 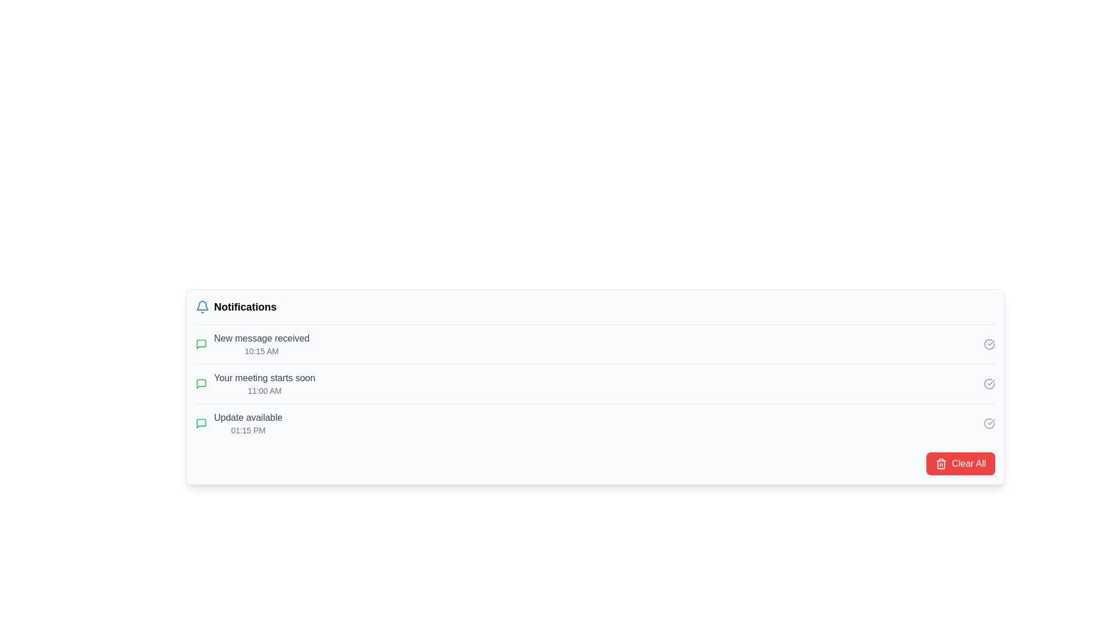 What do you see at coordinates (988, 383) in the screenshot?
I see `the circular checkmark icon located on the far-right of the notification entry that reads 'Your meeting starts soon 11:00 AM' to change its color to green` at bounding box center [988, 383].